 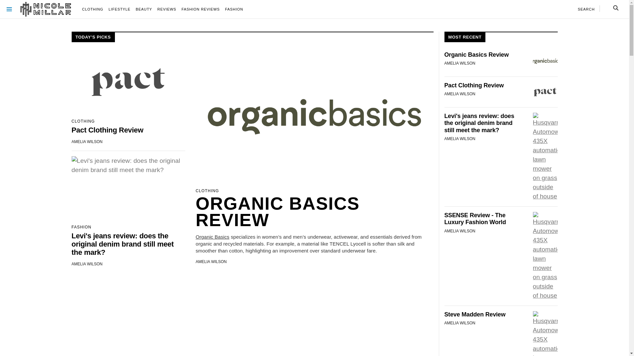 I want to click on 'BEAUTY', so click(x=144, y=9).